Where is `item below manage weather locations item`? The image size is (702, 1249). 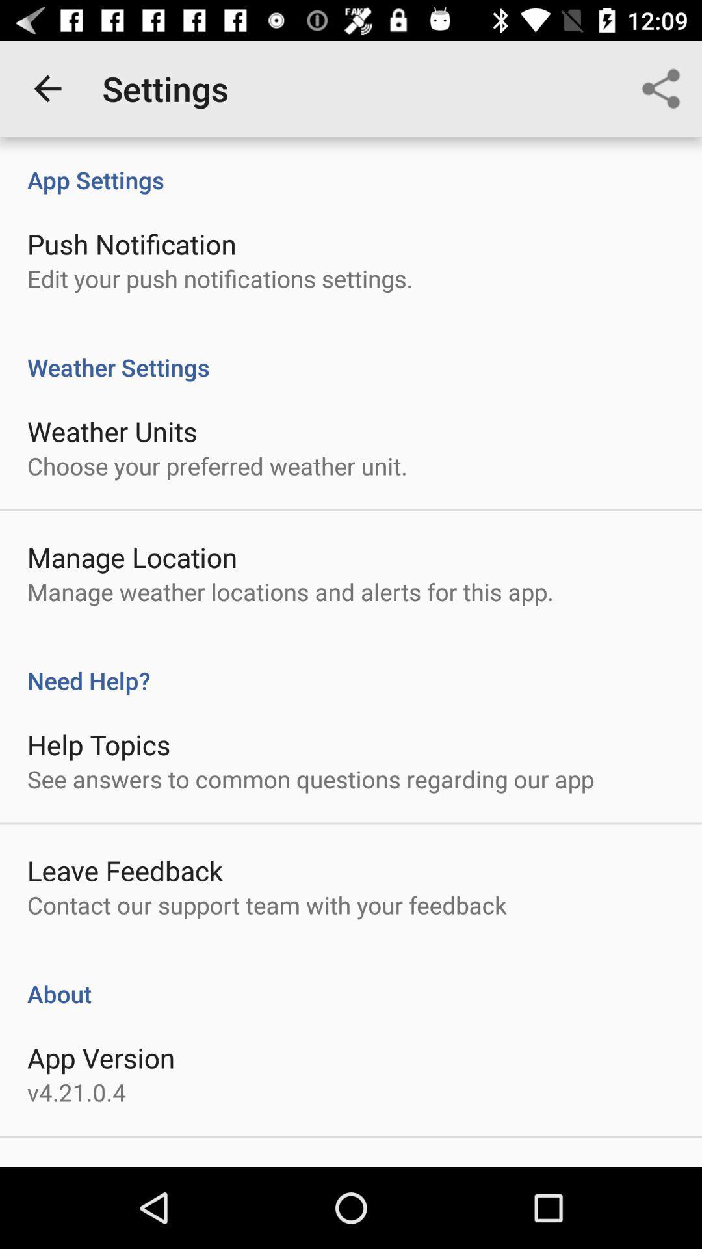
item below manage weather locations item is located at coordinates (351, 667).